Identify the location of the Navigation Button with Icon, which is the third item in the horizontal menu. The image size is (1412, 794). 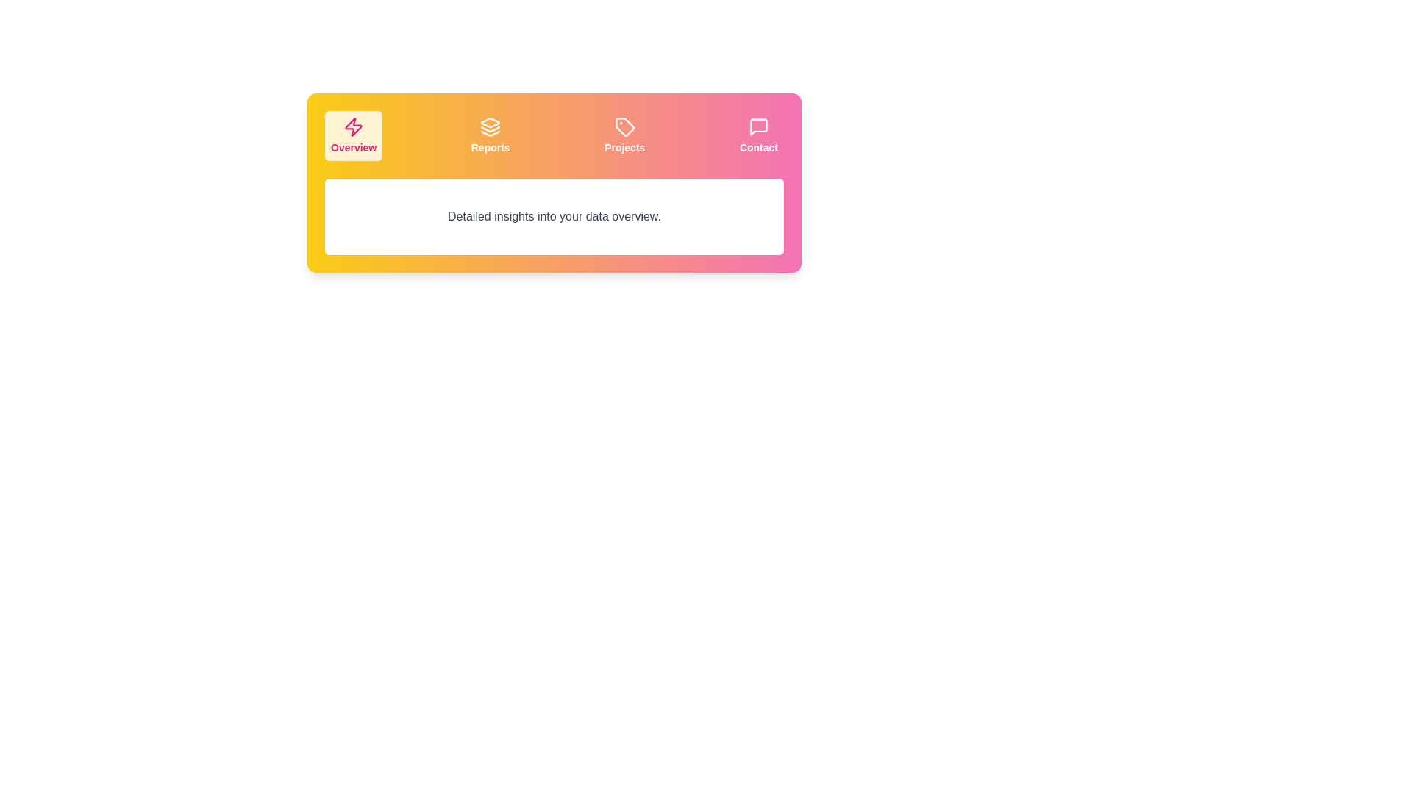
(624, 136).